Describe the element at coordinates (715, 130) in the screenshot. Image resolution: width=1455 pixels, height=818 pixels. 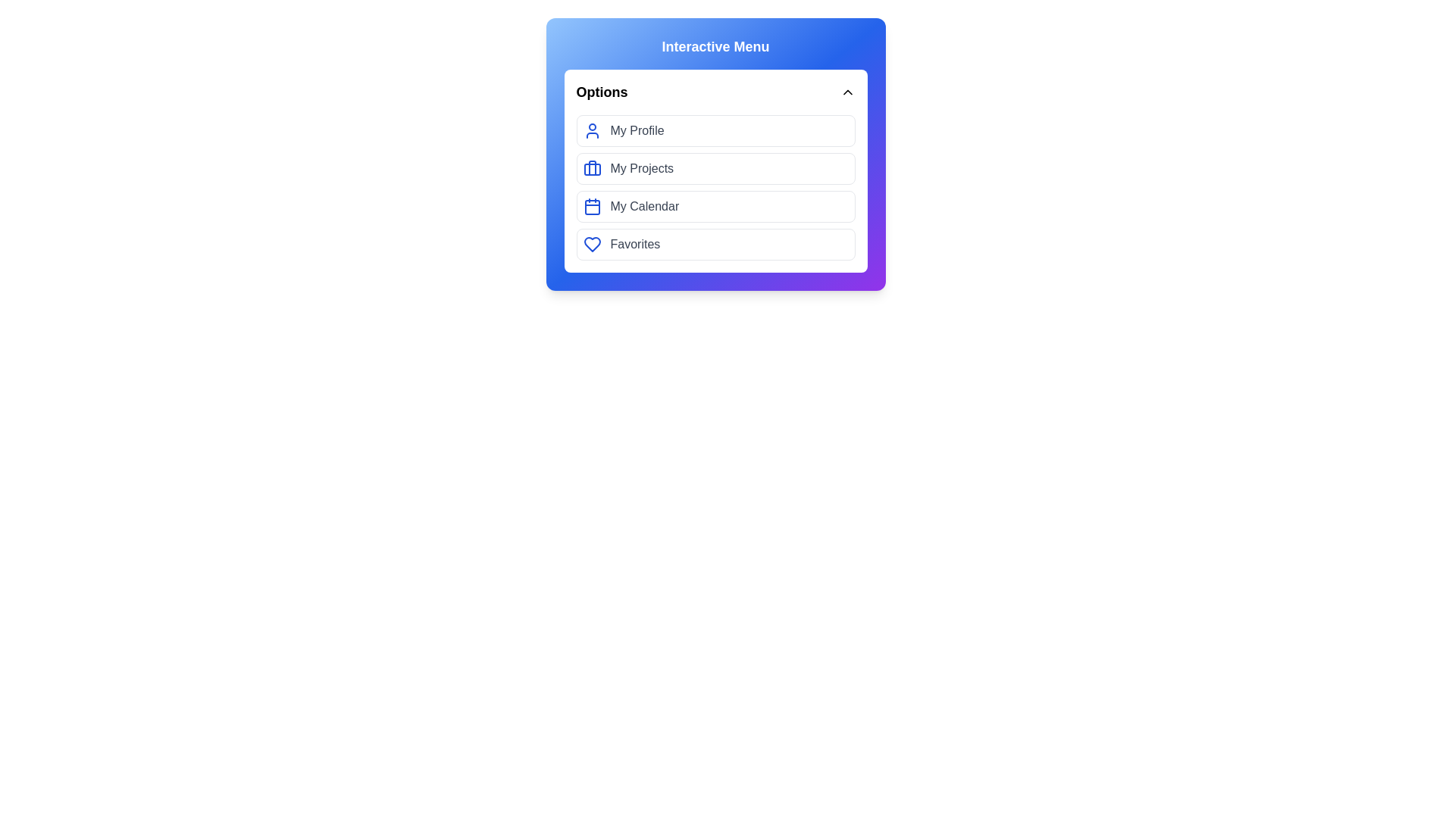
I see `the first menu item button located directly under the title 'Options'` at that location.